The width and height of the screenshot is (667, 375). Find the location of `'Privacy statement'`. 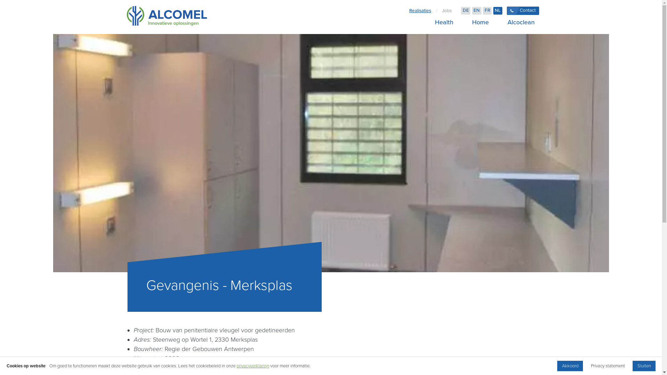

'Privacy statement' is located at coordinates (607, 365).